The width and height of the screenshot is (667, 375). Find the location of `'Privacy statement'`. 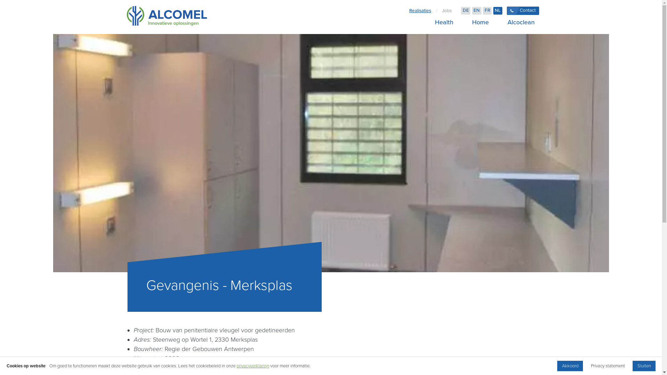

'Privacy statement' is located at coordinates (607, 365).